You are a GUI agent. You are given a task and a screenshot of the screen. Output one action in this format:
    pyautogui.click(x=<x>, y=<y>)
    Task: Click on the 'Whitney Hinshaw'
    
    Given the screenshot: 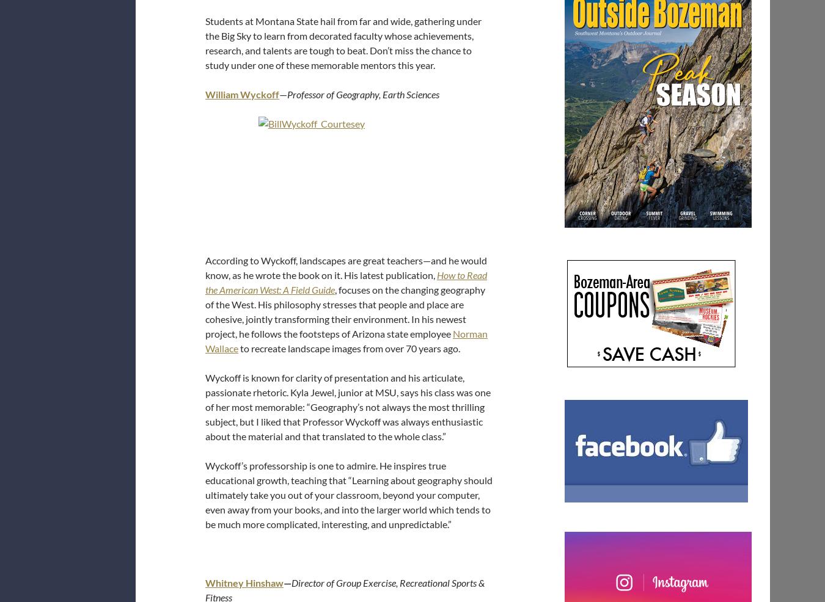 What is the action you would take?
    pyautogui.click(x=205, y=582)
    